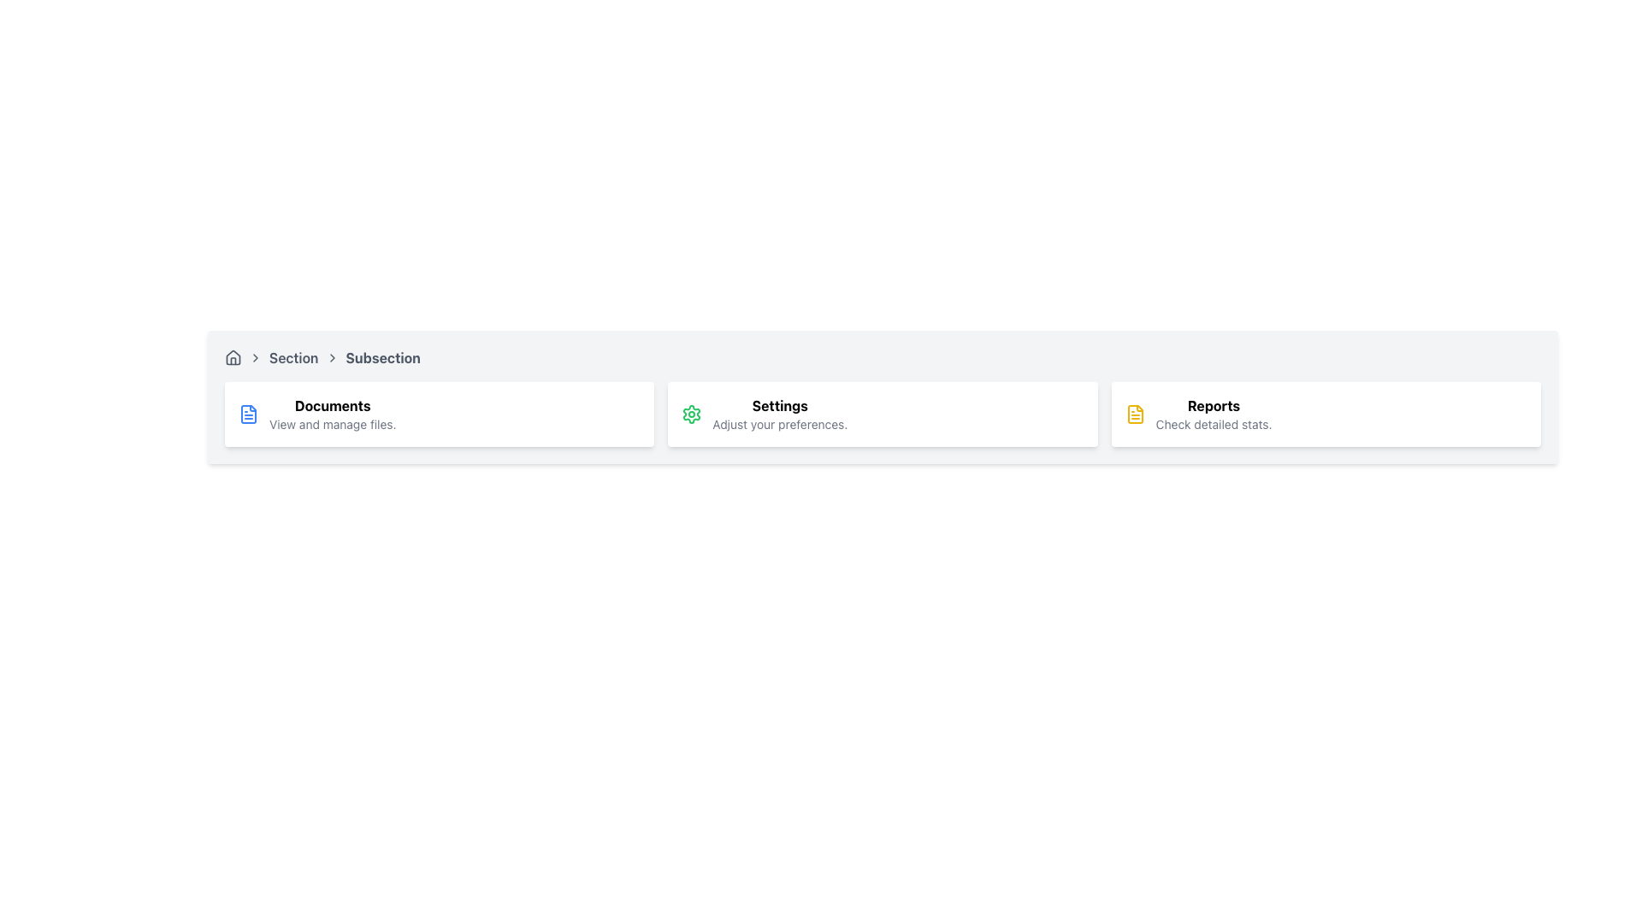  Describe the element at coordinates (1135, 414) in the screenshot. I see `the small document icon with a yellow background located at the left end of the 'Reports' section in the rightmost card under the 'Subsection'` at that location.